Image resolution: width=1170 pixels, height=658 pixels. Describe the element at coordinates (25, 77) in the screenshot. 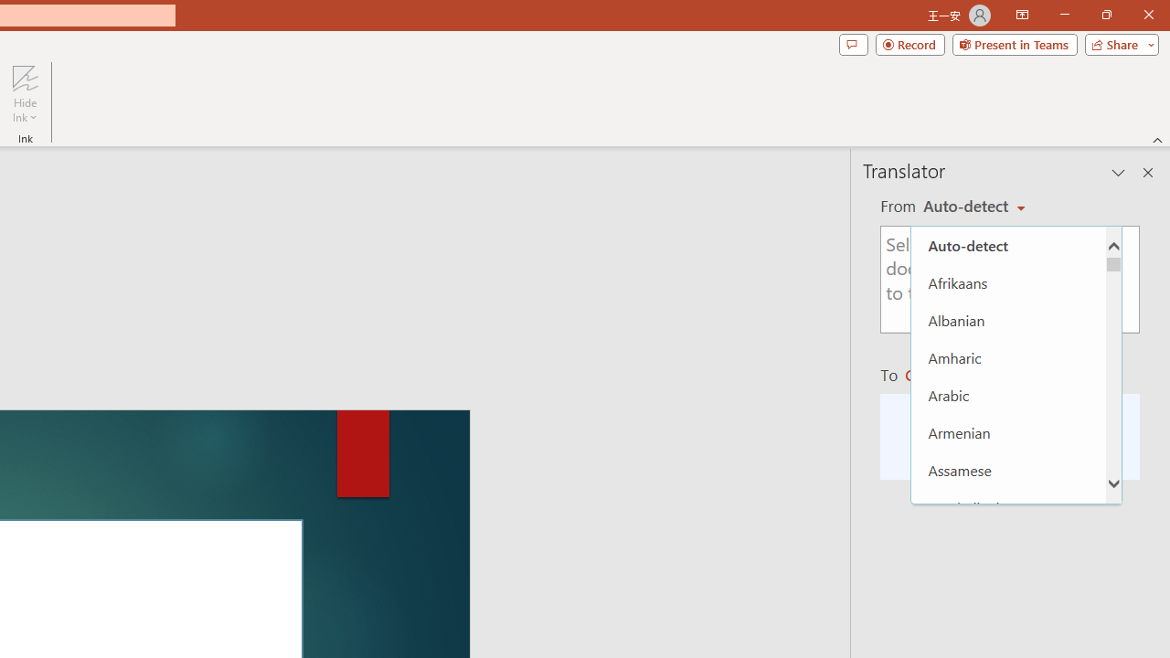

I see `'Hide Ink'` at that location.